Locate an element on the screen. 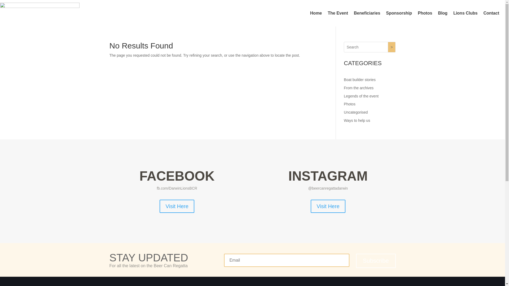  'Home' is located at coordinates (316, 13).